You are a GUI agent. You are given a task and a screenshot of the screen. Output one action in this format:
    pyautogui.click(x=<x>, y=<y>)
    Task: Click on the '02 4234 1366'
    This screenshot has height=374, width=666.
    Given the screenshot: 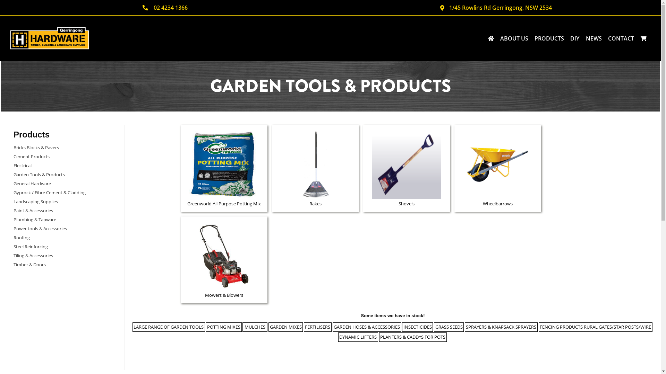 What is the action you would take?
    pyautogui.click(x=165, y=8)
    